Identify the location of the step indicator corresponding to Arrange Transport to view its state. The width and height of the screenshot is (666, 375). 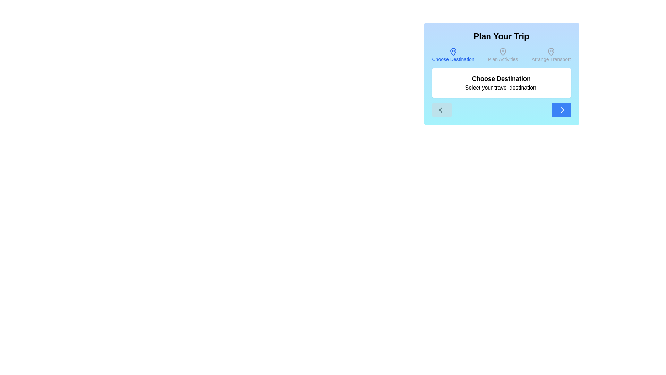
(550, 55).